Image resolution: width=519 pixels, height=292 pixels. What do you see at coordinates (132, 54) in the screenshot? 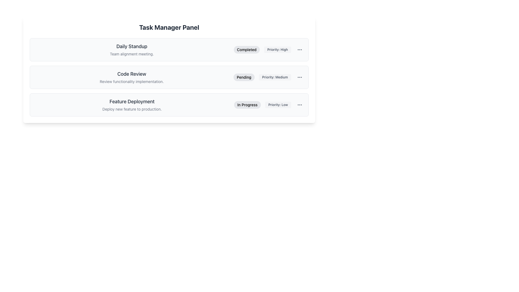
I see `text label providing additional context about the 'Daily Standup' task, located directly under the 'Daily Standup' heading in the first task card` at bounding box center [132, 54].